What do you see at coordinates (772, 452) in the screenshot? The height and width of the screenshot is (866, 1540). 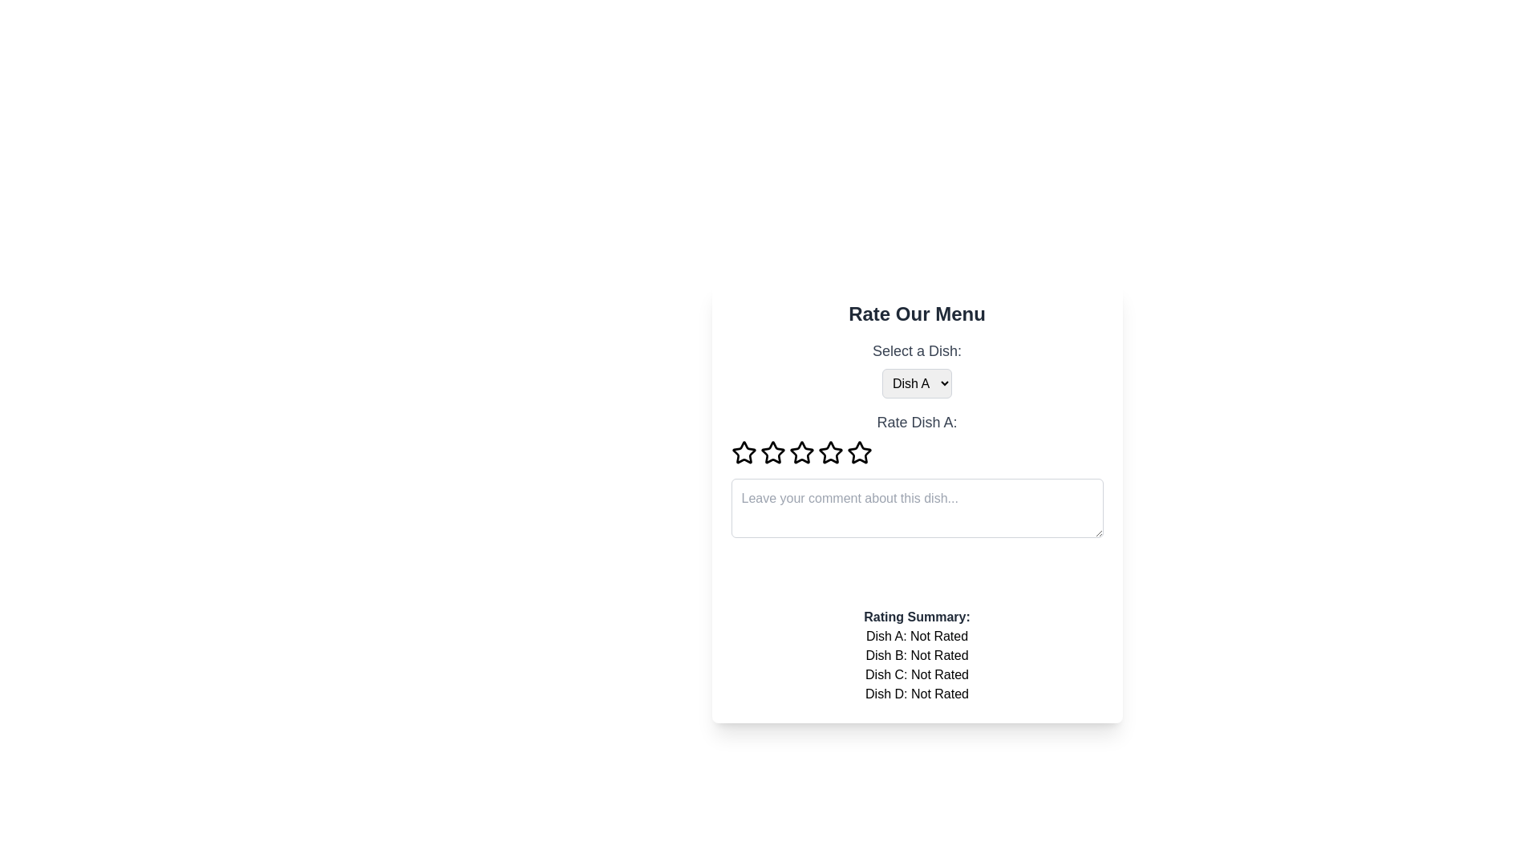 I see `the third star icon in the rating system located in the dialog box titled 'Rate Our Menu'` at bounding box center [772, 452].